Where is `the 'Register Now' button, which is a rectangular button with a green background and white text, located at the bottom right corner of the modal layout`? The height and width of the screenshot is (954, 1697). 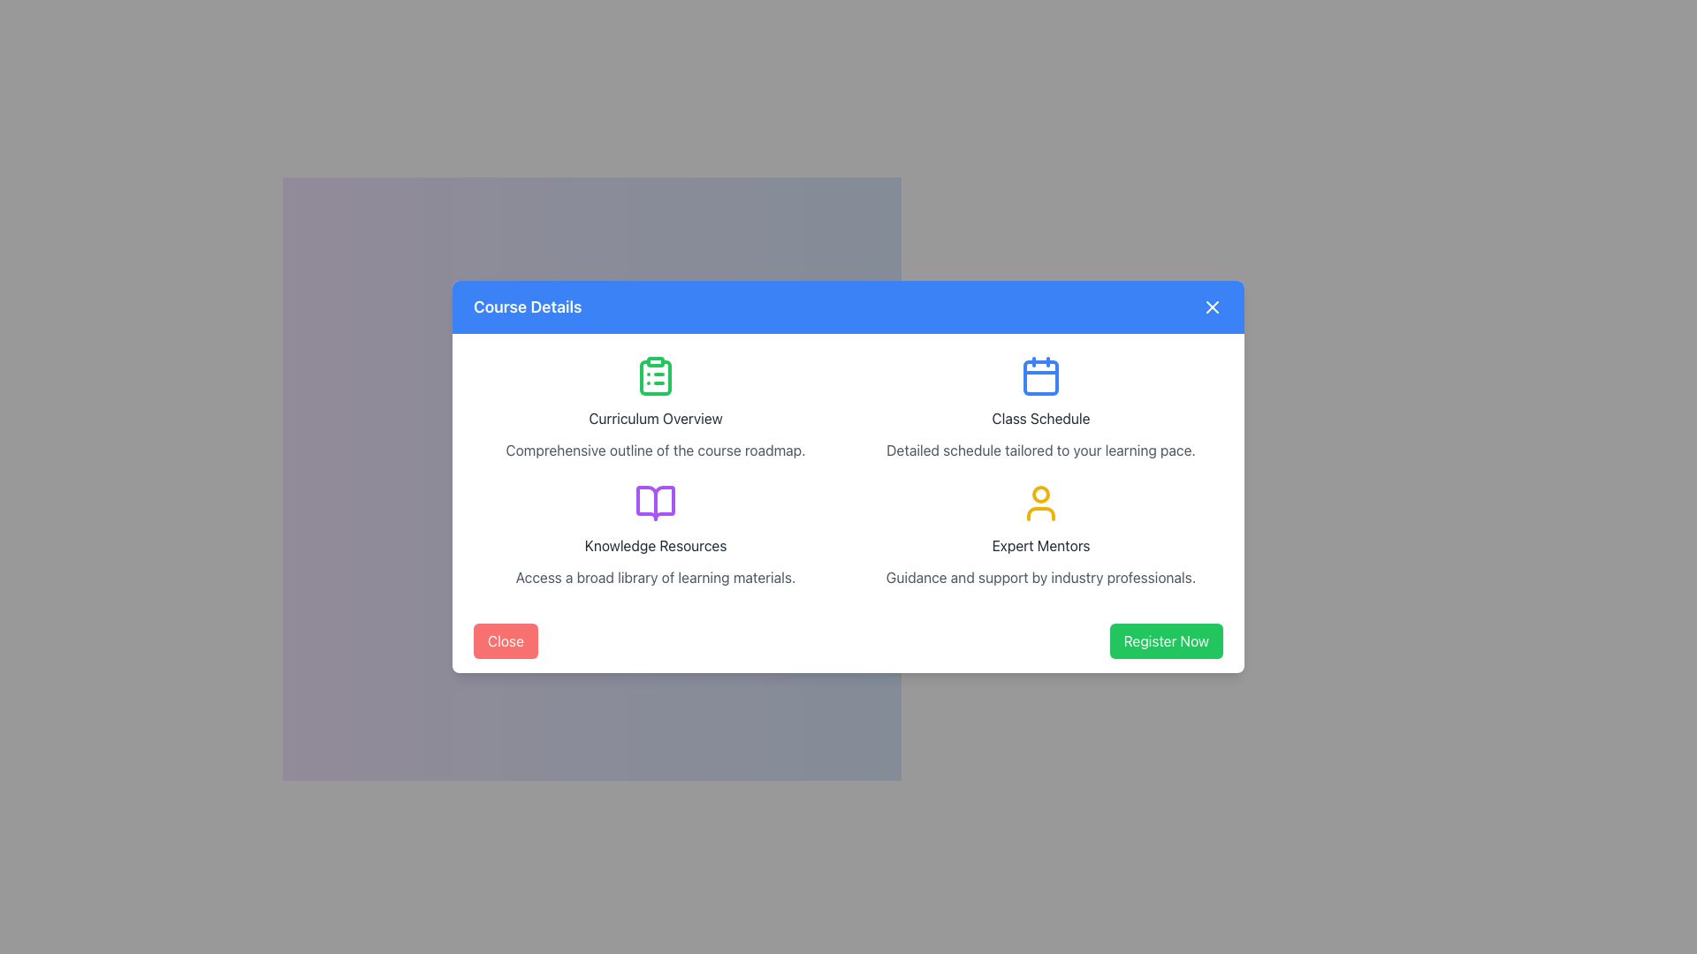
the 'Register Now' button, which is a rectangular button with a green background and white text, located at the bottom right corner of the modal layout is located at coordinates (1166, 640).